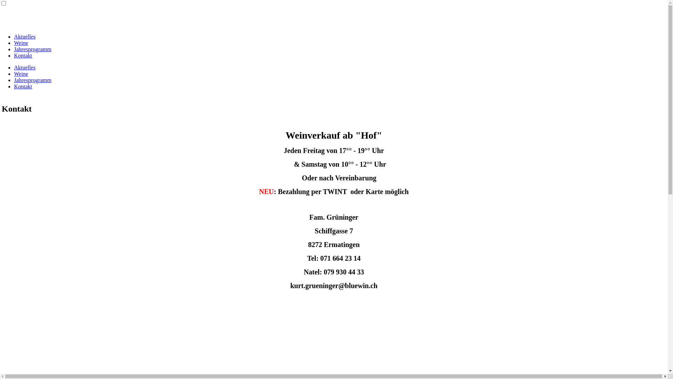  I want to click on 'Aktuelles', so click(25, 67).